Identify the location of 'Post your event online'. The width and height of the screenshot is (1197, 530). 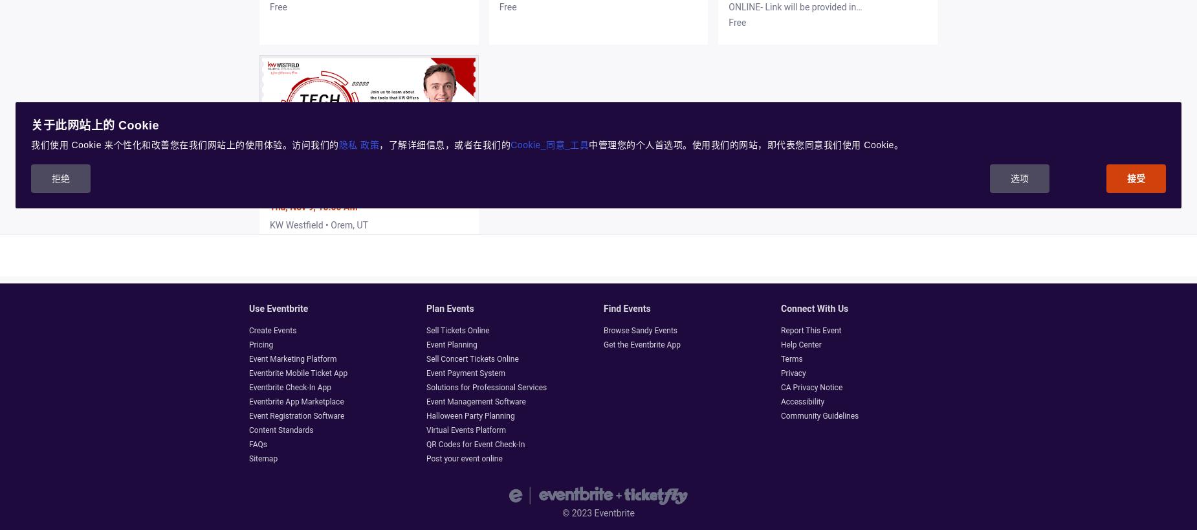
(464, 458).